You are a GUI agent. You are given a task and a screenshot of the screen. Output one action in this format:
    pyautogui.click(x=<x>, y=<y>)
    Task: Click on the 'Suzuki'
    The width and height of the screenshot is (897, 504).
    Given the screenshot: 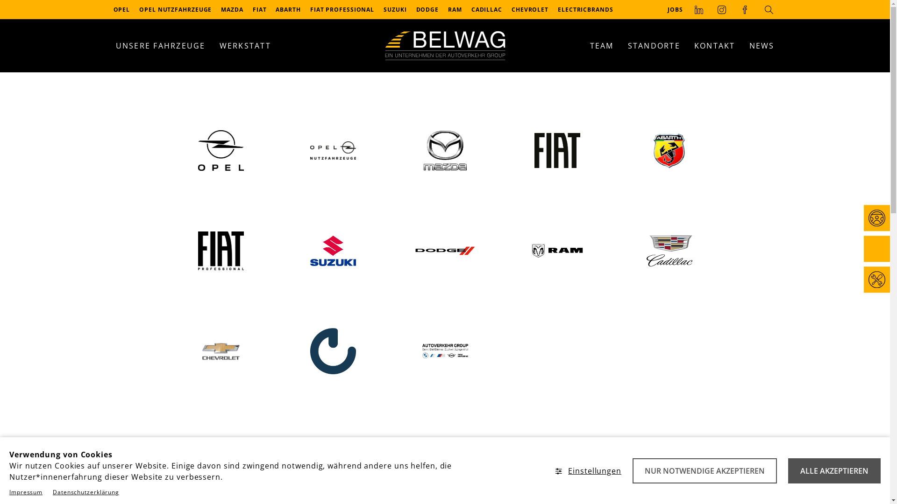 What is the action you would take?
    pyautogui.click(x=332, y=250)
    